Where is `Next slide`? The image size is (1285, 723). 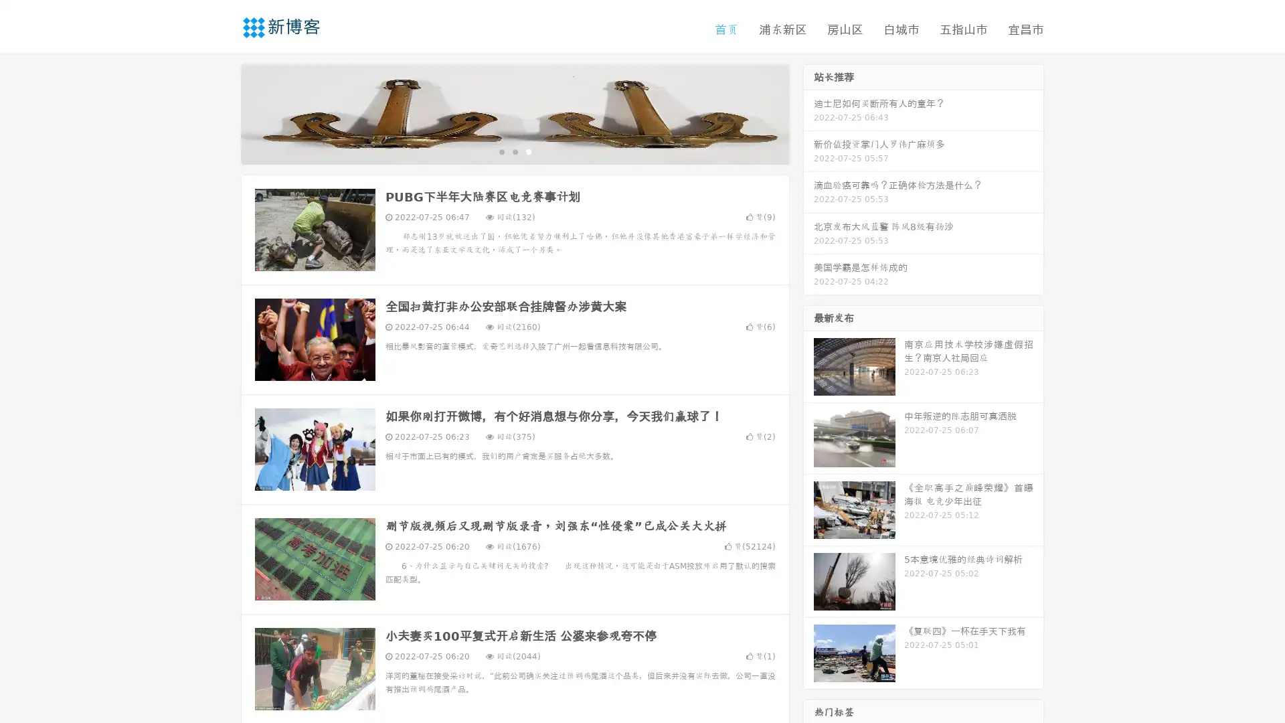
Next slide is located at coordinates (808, 112).